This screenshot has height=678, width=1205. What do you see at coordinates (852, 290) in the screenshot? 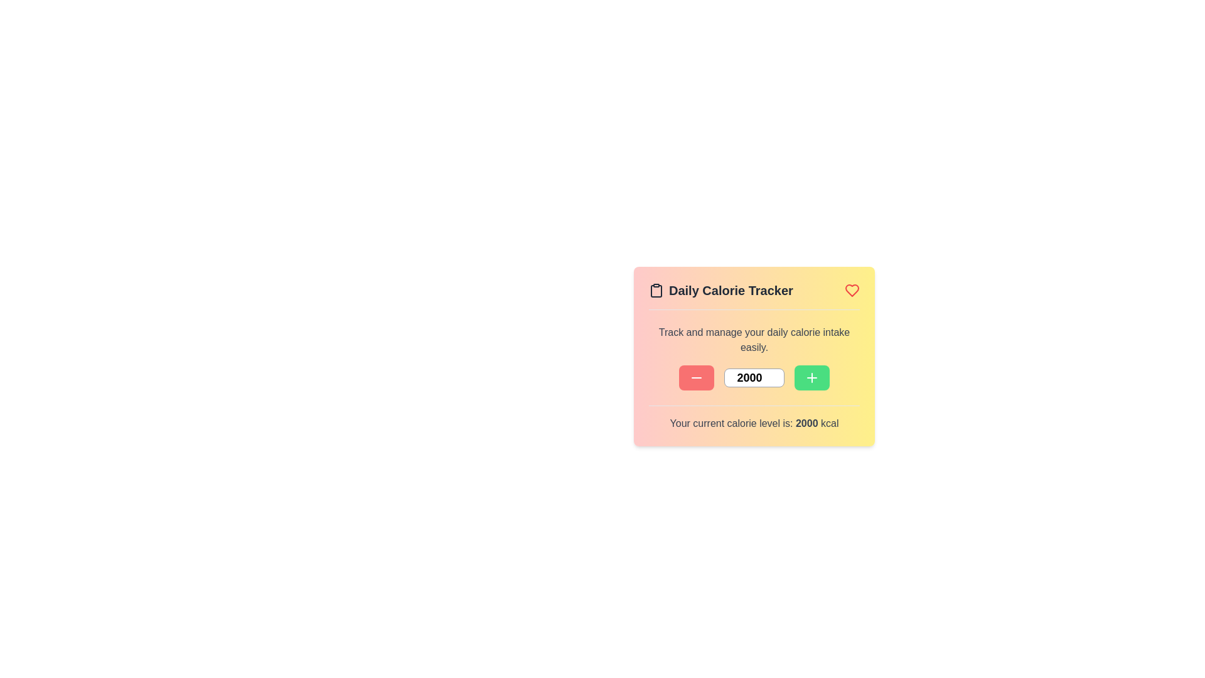
I see `the current visual state of the heart-shaped icon located in the top-right corner of the 'Daily Calorie Tracker' content card` at bounding box center [852, 290].